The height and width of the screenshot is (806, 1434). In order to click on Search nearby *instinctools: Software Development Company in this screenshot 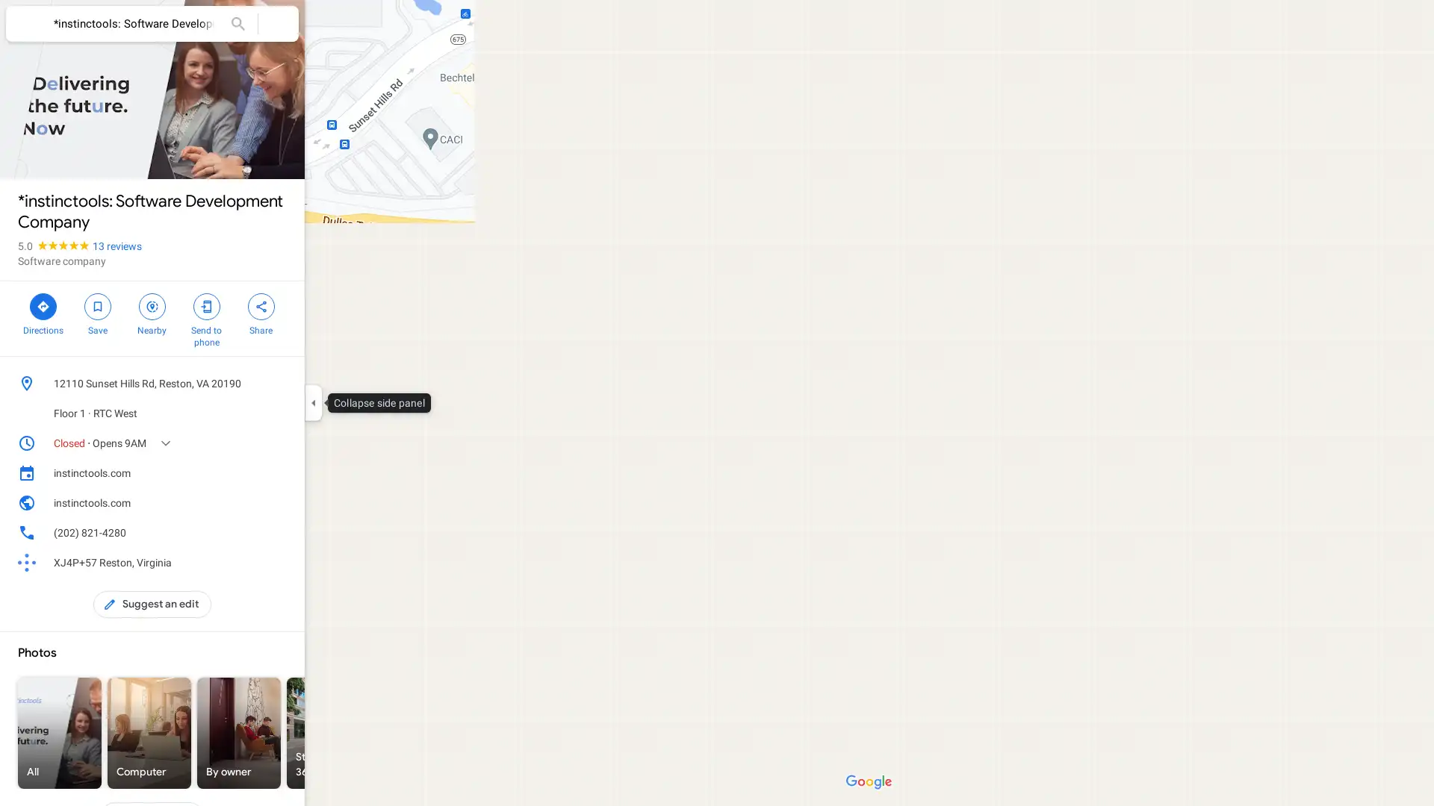, I will do `click(152, 312)`.